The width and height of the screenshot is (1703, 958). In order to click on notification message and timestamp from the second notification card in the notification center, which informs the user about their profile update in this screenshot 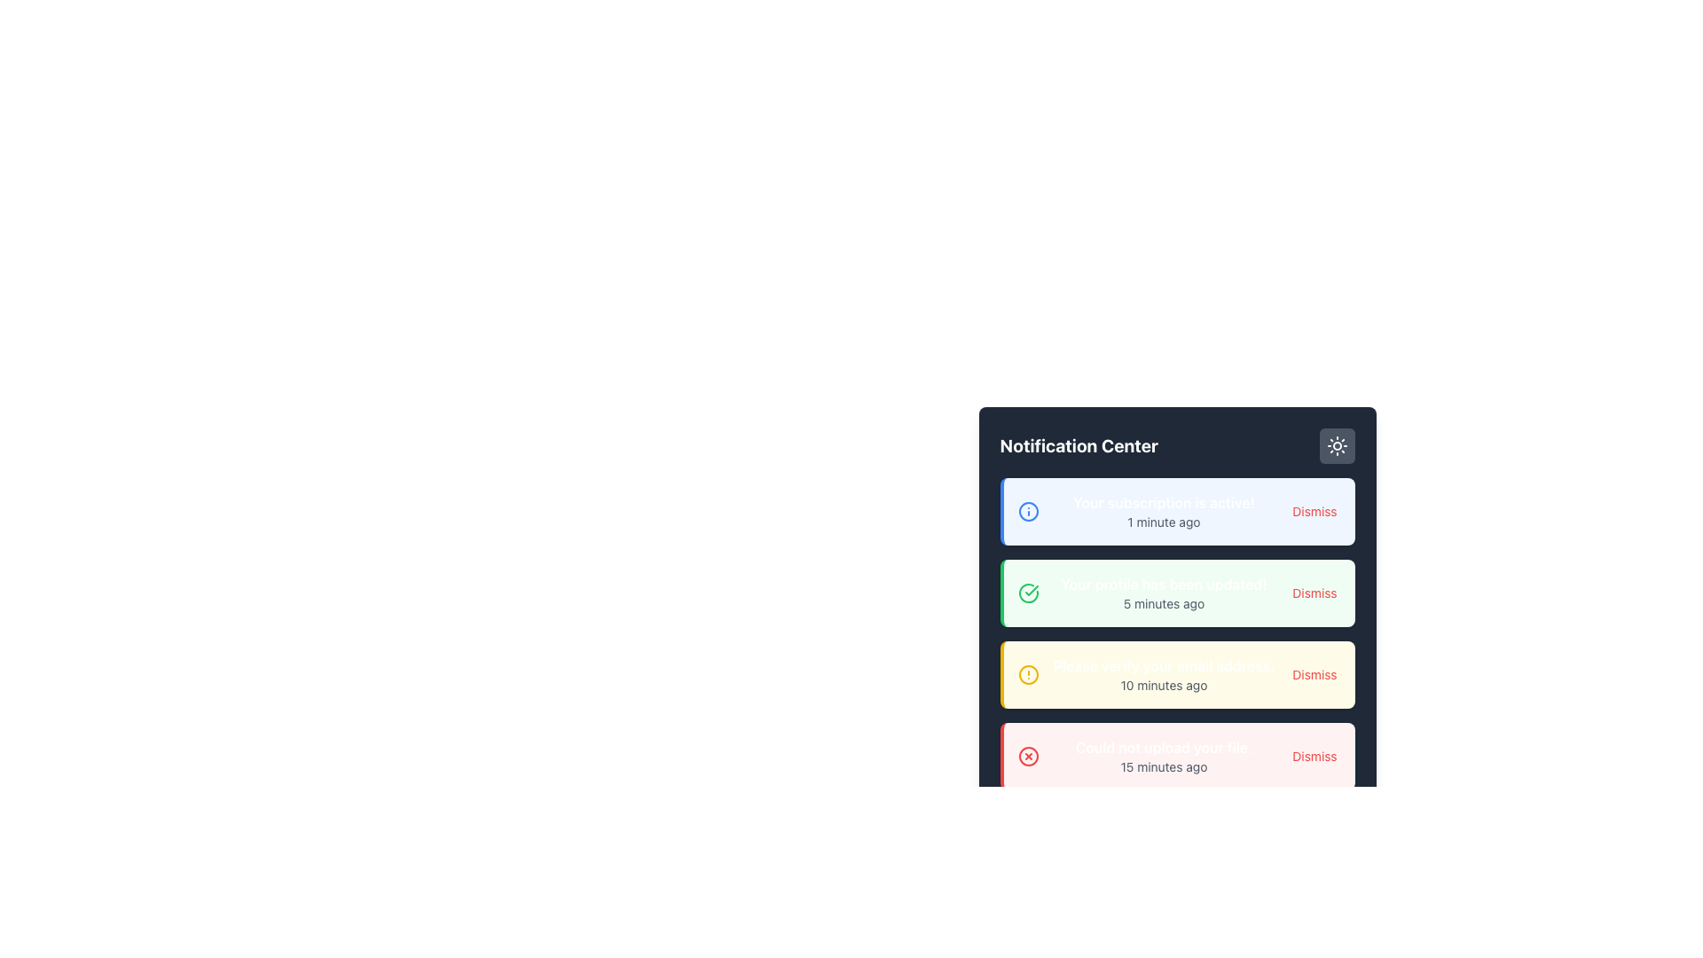, I will do `click(1177, 593)`.